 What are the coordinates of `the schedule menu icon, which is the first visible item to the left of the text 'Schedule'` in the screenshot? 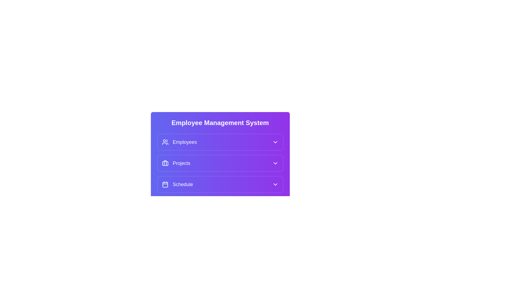 It's located at (165, 184).